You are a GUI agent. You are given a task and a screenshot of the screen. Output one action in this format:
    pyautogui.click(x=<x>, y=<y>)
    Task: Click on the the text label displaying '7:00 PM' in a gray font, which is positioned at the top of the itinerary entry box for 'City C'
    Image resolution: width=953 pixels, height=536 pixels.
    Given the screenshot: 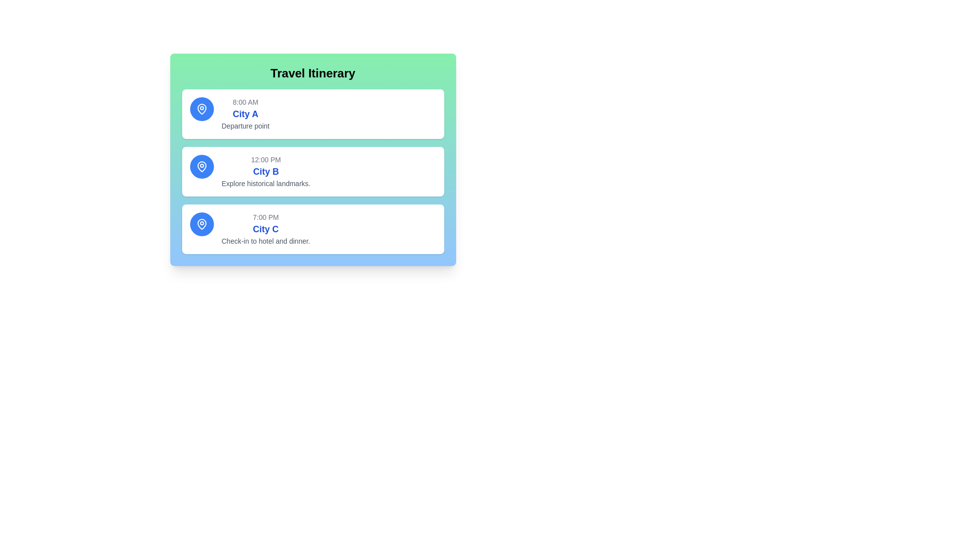 What is the action you would take?
    pyautogui.click(x=266, y=217)
    